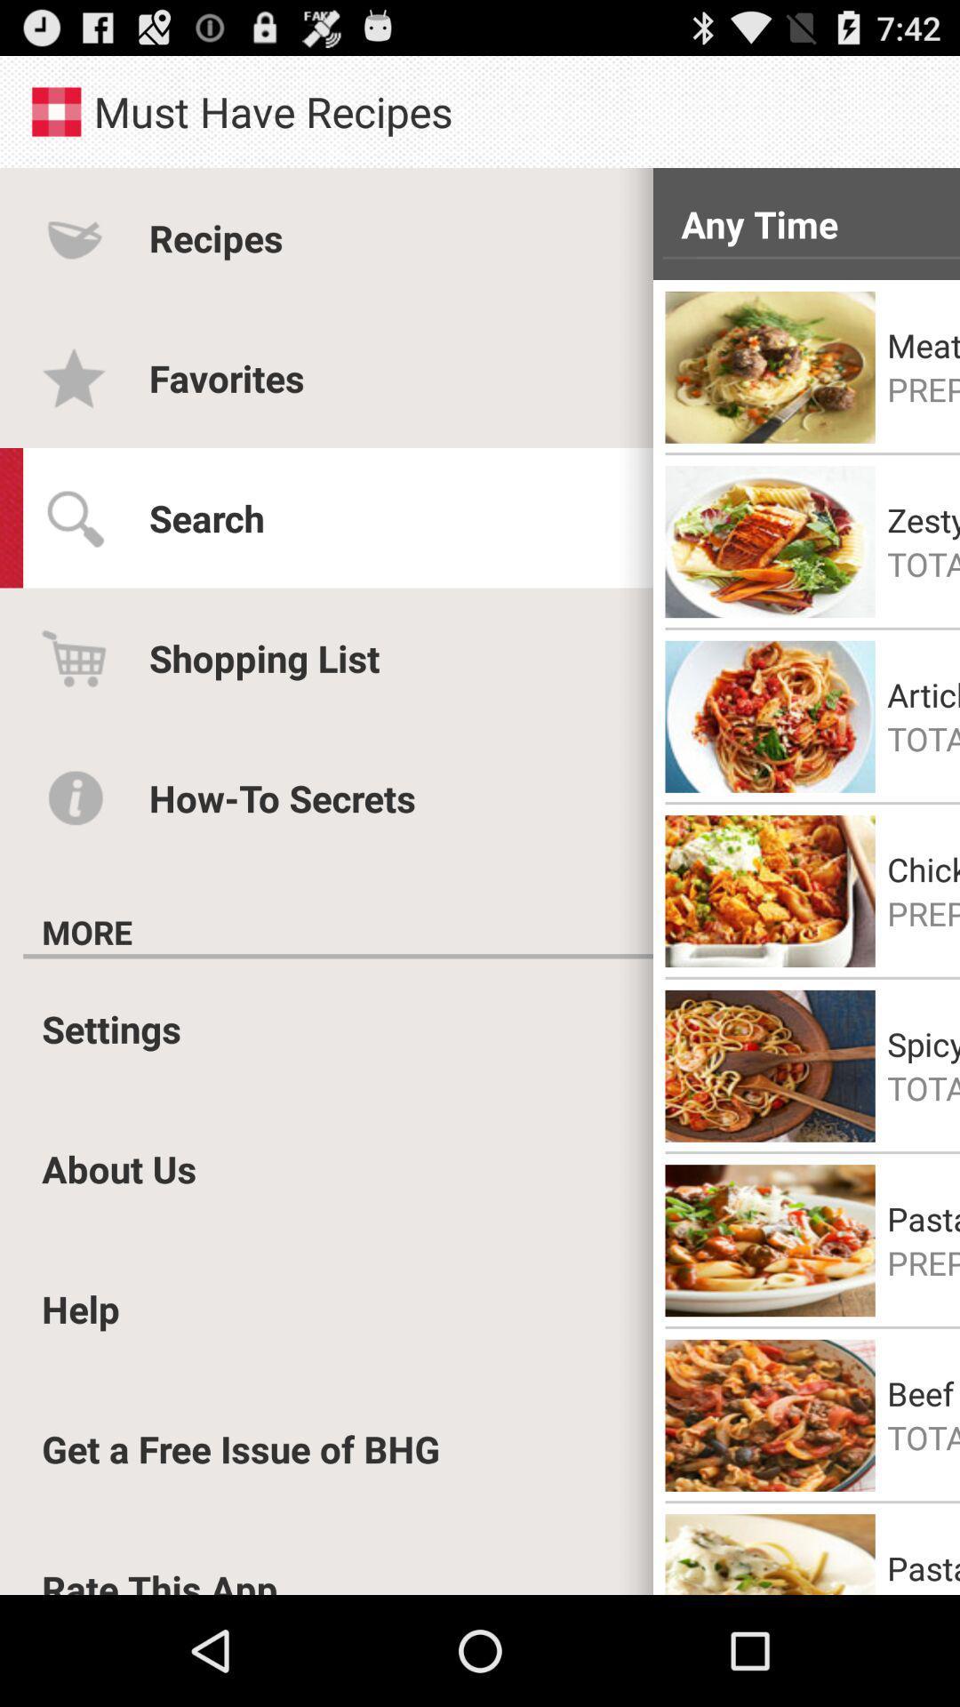 This screenshot has width=960, height=1707. What do you see at coordinates (338, 955) in the screenshot?
I see `app below the more app` at bounding box center [338, 955].